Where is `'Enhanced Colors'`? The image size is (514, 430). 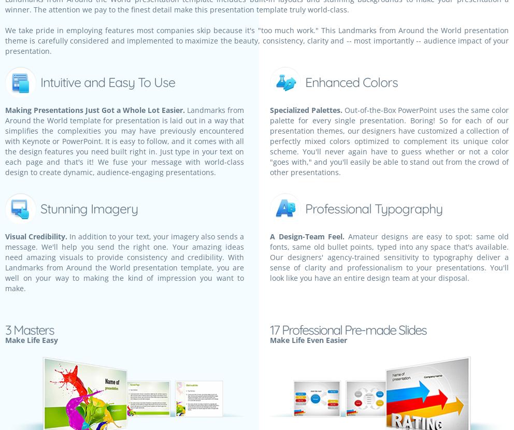 'Enhanced Colors' is located at coordinates (351, 81).